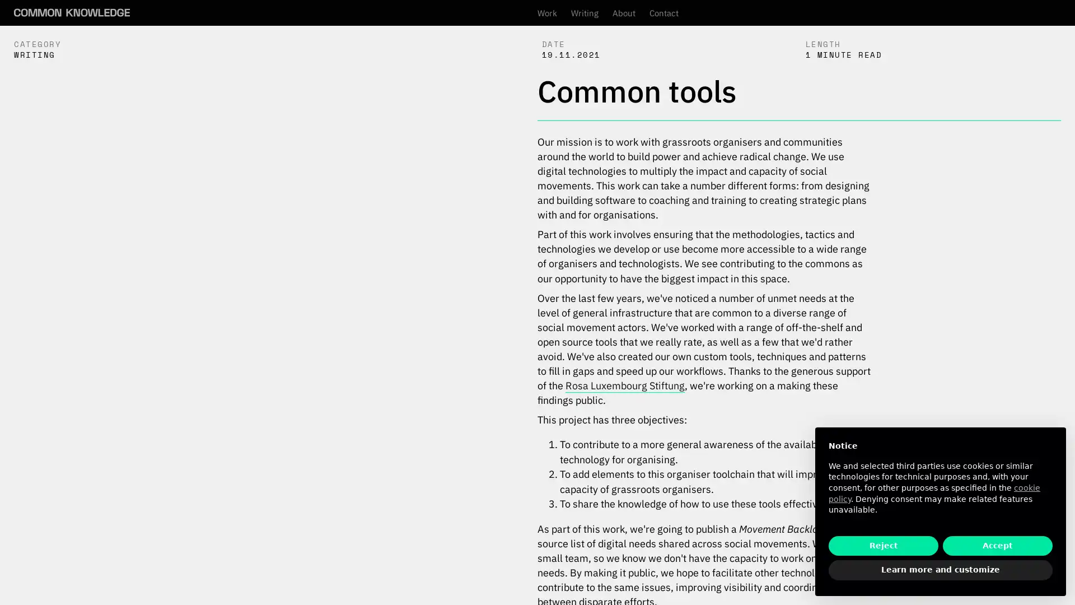 Image resolution: width=1075 pixels, height=605 pixels. What do you see at coordinates (997, 545) in the screenshot?
I see `Accept` at bounding box center [997, 545].